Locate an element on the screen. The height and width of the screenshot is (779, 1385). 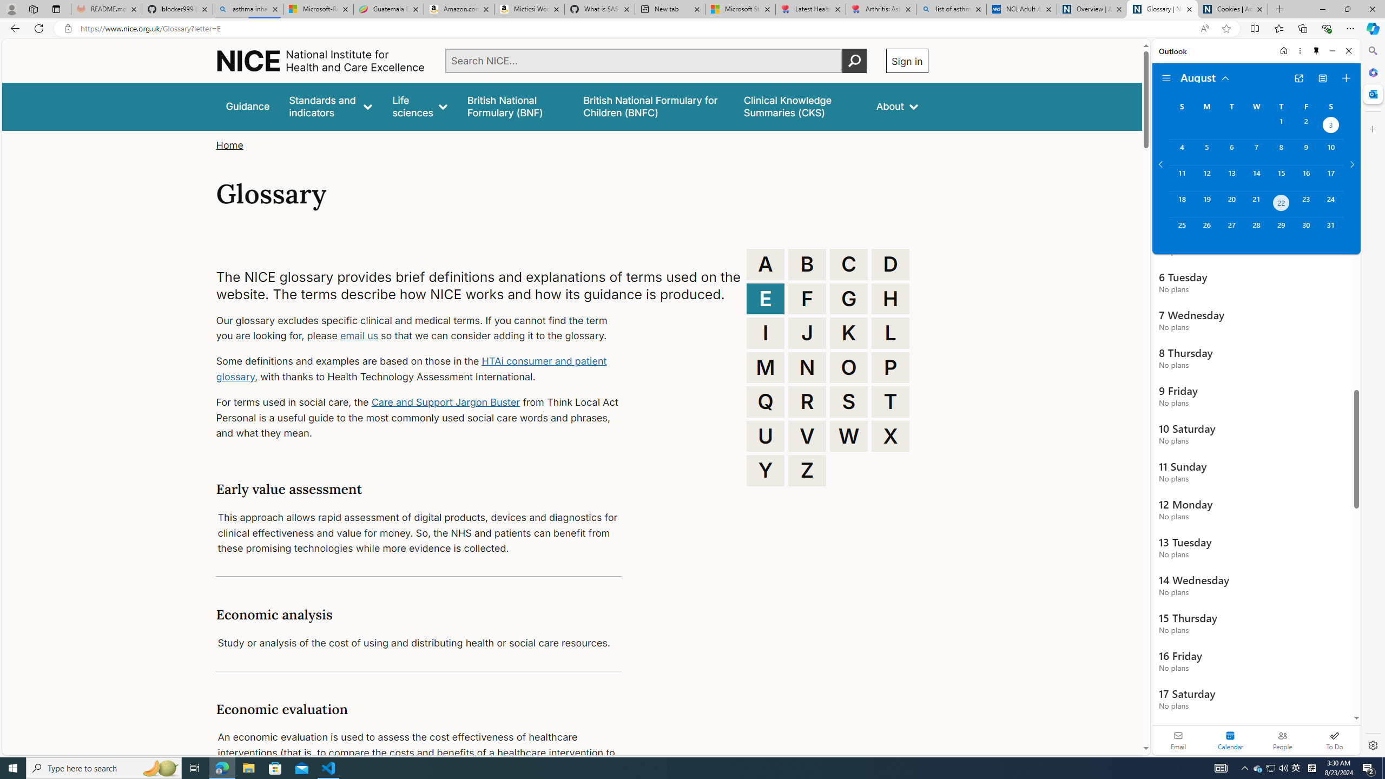
'Thursday, August 8, 2024. ' is located at coordinates (1281, 151).